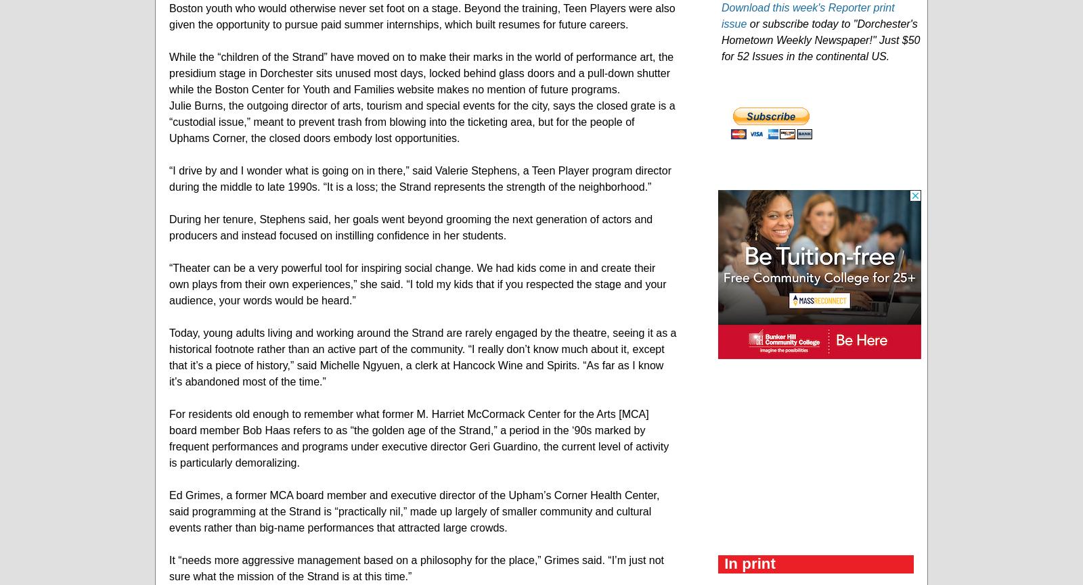 This screenshot has width=1083, height=585. I want to click on 'Julie Burns, the outgoing director of arts, tourism and special events for the city, says the closed grate is a “custodial issue,” meant to prevent trash from blowing into the ticketing area, but for the people of Uphams Corner, the closed doors embody lost opportunities.', so click(422, 120).